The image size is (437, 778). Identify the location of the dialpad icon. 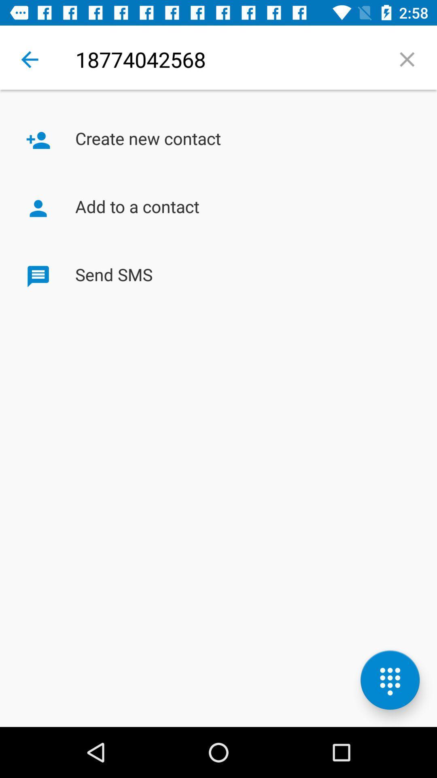
(390, 680).